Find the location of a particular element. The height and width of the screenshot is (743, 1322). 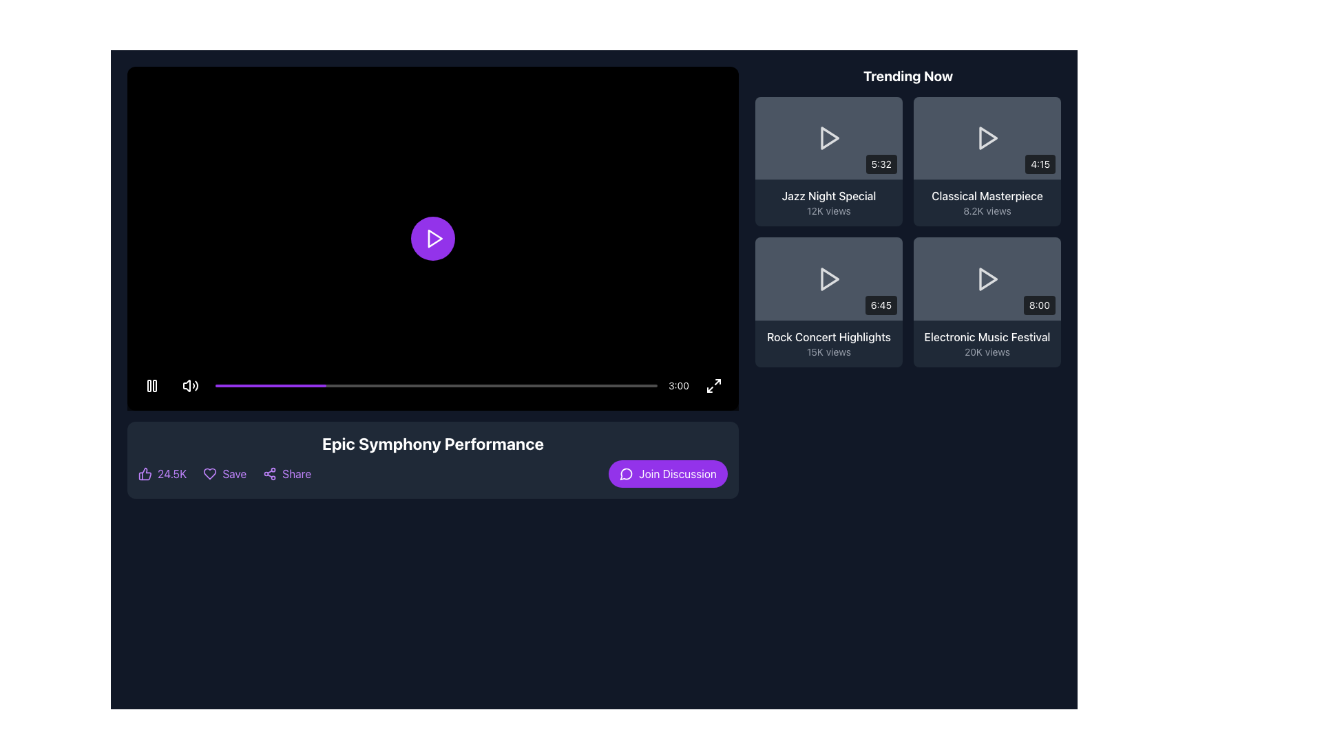

the triangular play icon located in the lower-right section of the interface, specifically within the 'Trending Now' section, to initiate playback is located at coordinates (987, 279).